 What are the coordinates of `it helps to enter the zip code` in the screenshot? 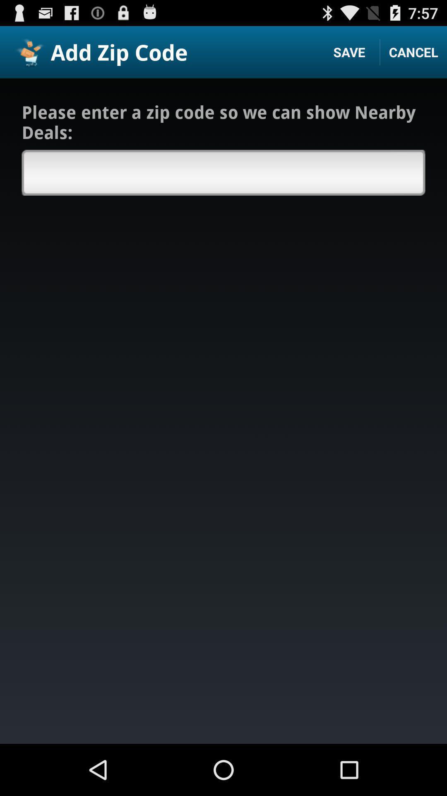 It's located at (223, 172).